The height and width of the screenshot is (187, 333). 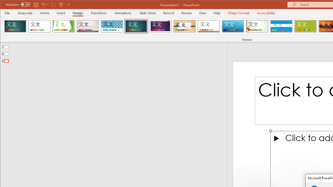 What do you see at coordinates (281, 26) in the screenshot?
I see `'Banded'` at bounding box center [281, 26].